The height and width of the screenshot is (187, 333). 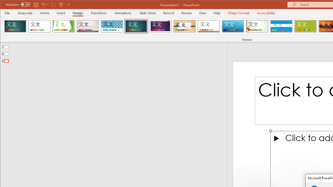 What do you see at coordinates (281, 26) in the screenshot?
I see `'Banded'` at bounding box center [281, 26].